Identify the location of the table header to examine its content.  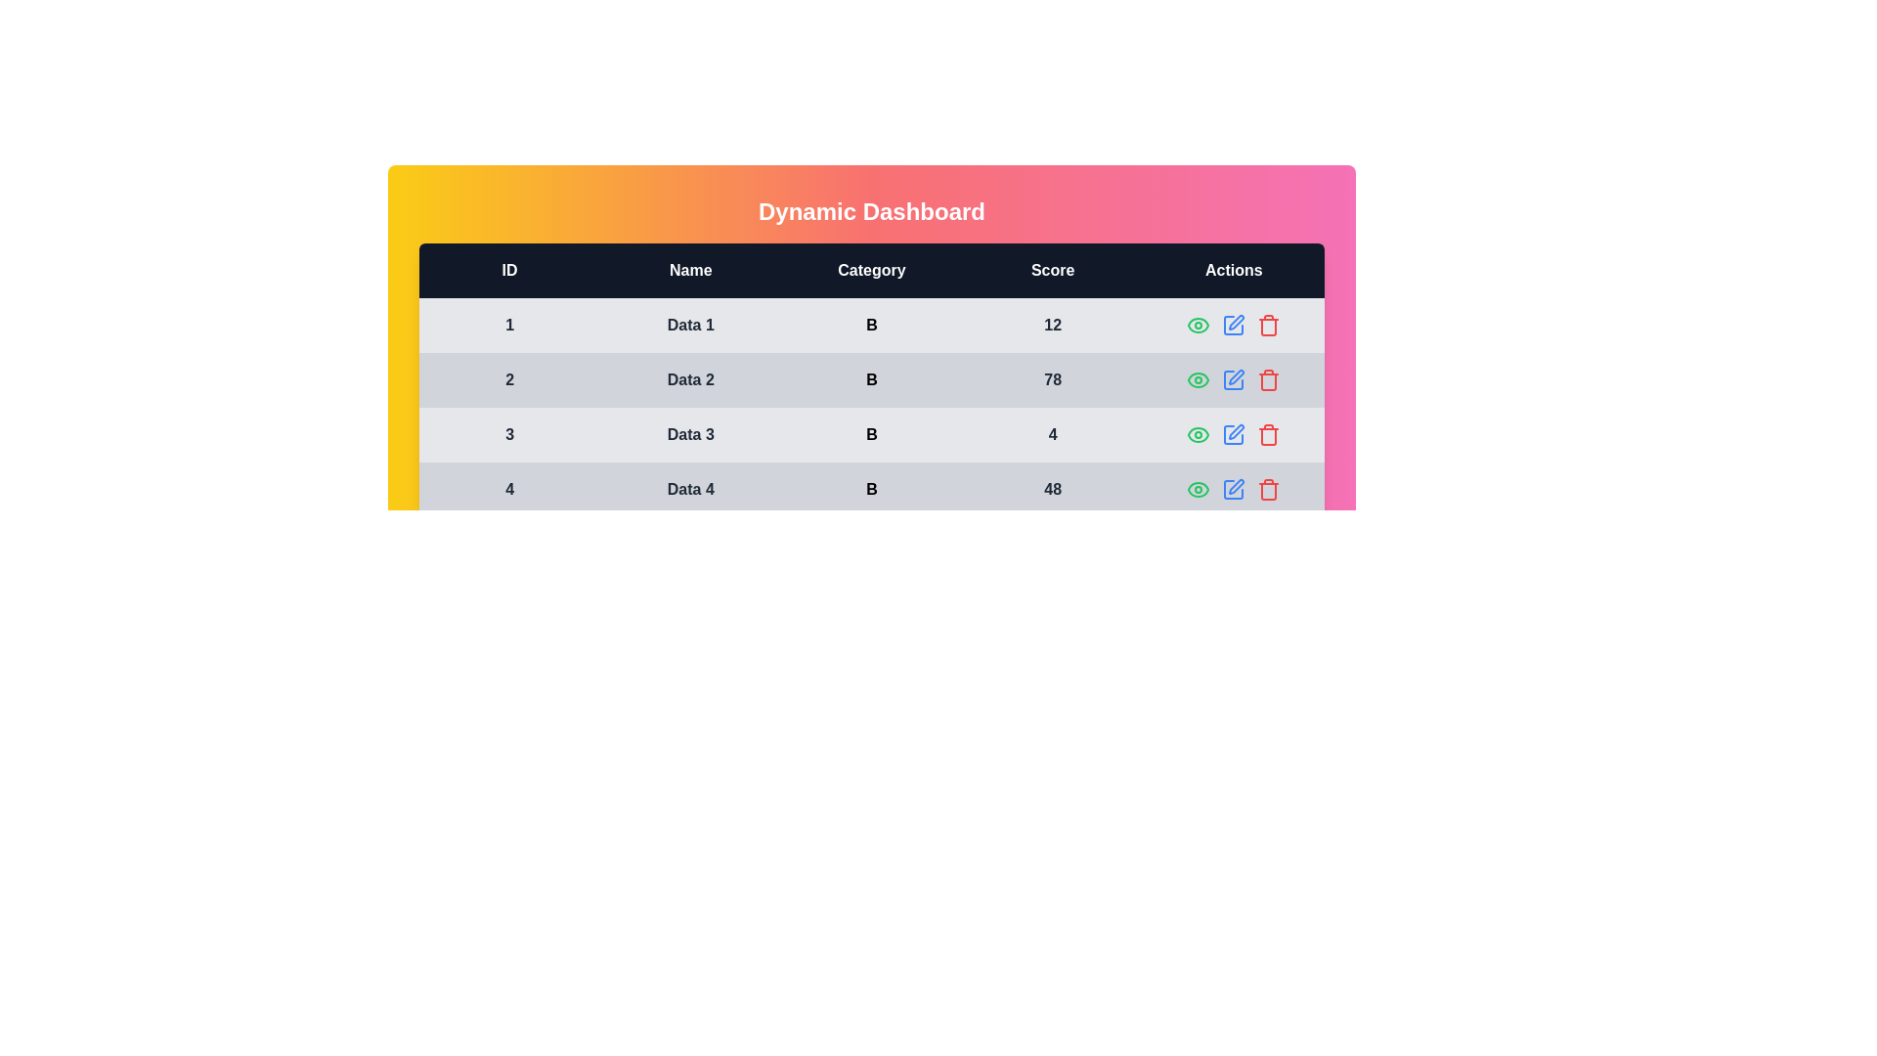
(871, 271).